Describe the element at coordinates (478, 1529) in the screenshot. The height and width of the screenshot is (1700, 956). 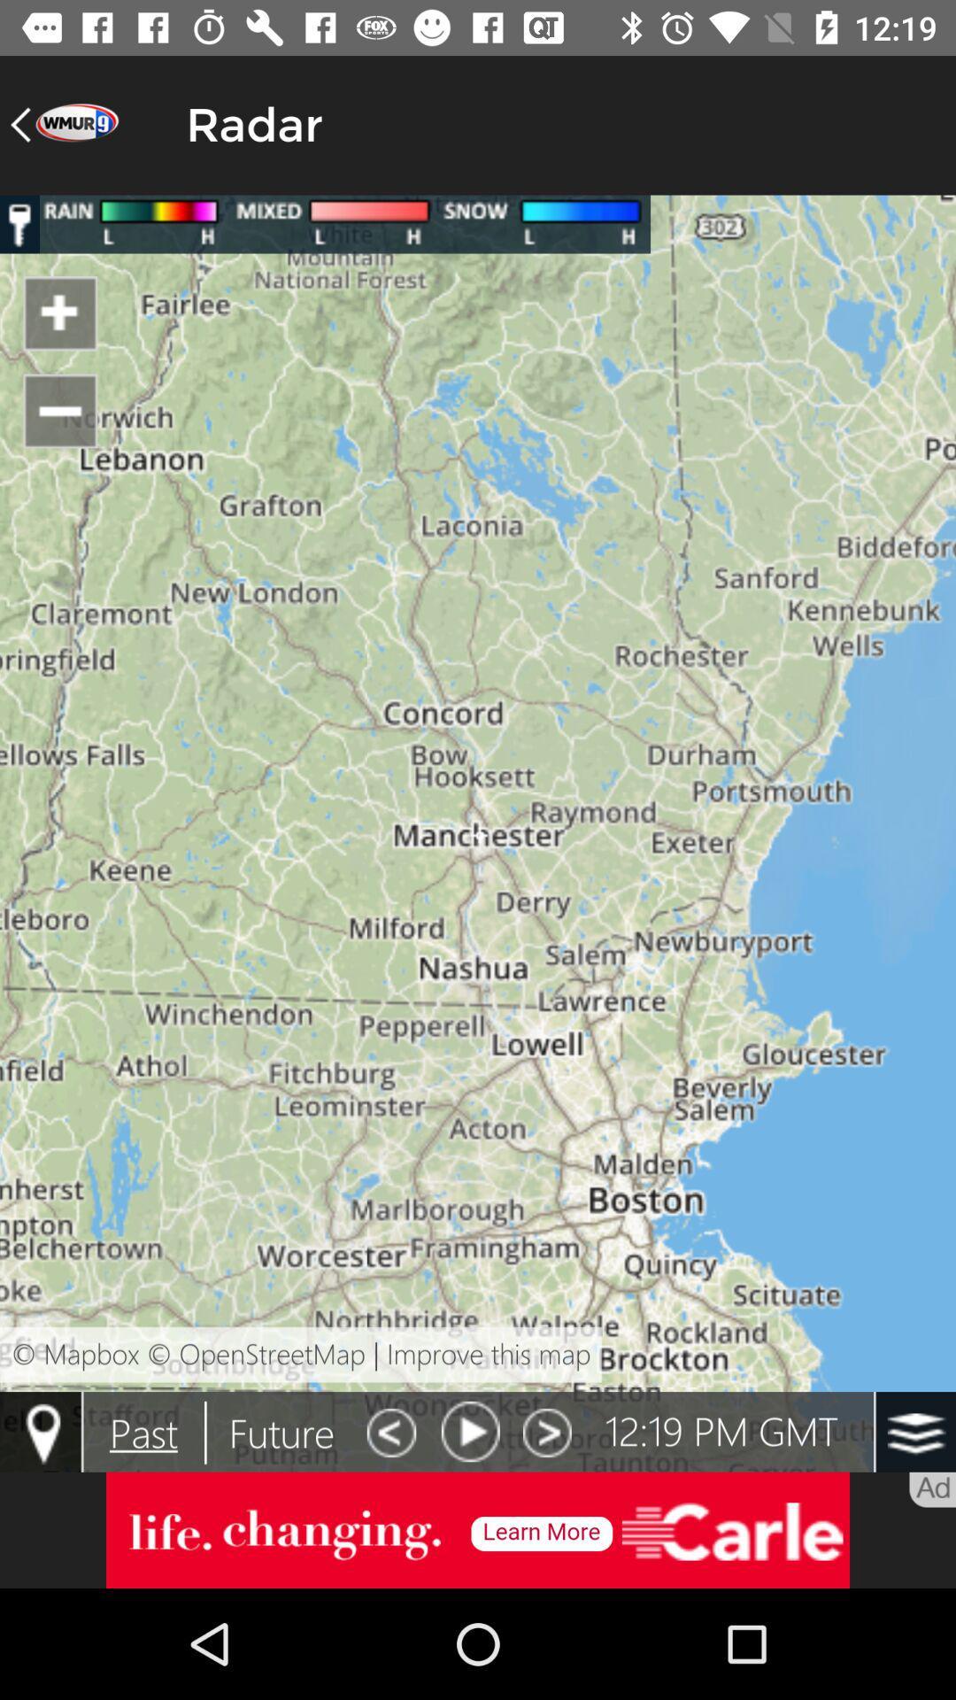
I see `advertisement page` at that location.